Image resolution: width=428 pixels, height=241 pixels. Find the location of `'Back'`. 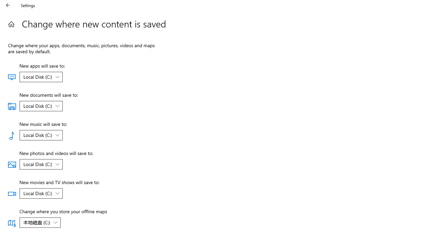

'Back' is located at coordinates (8, 5).